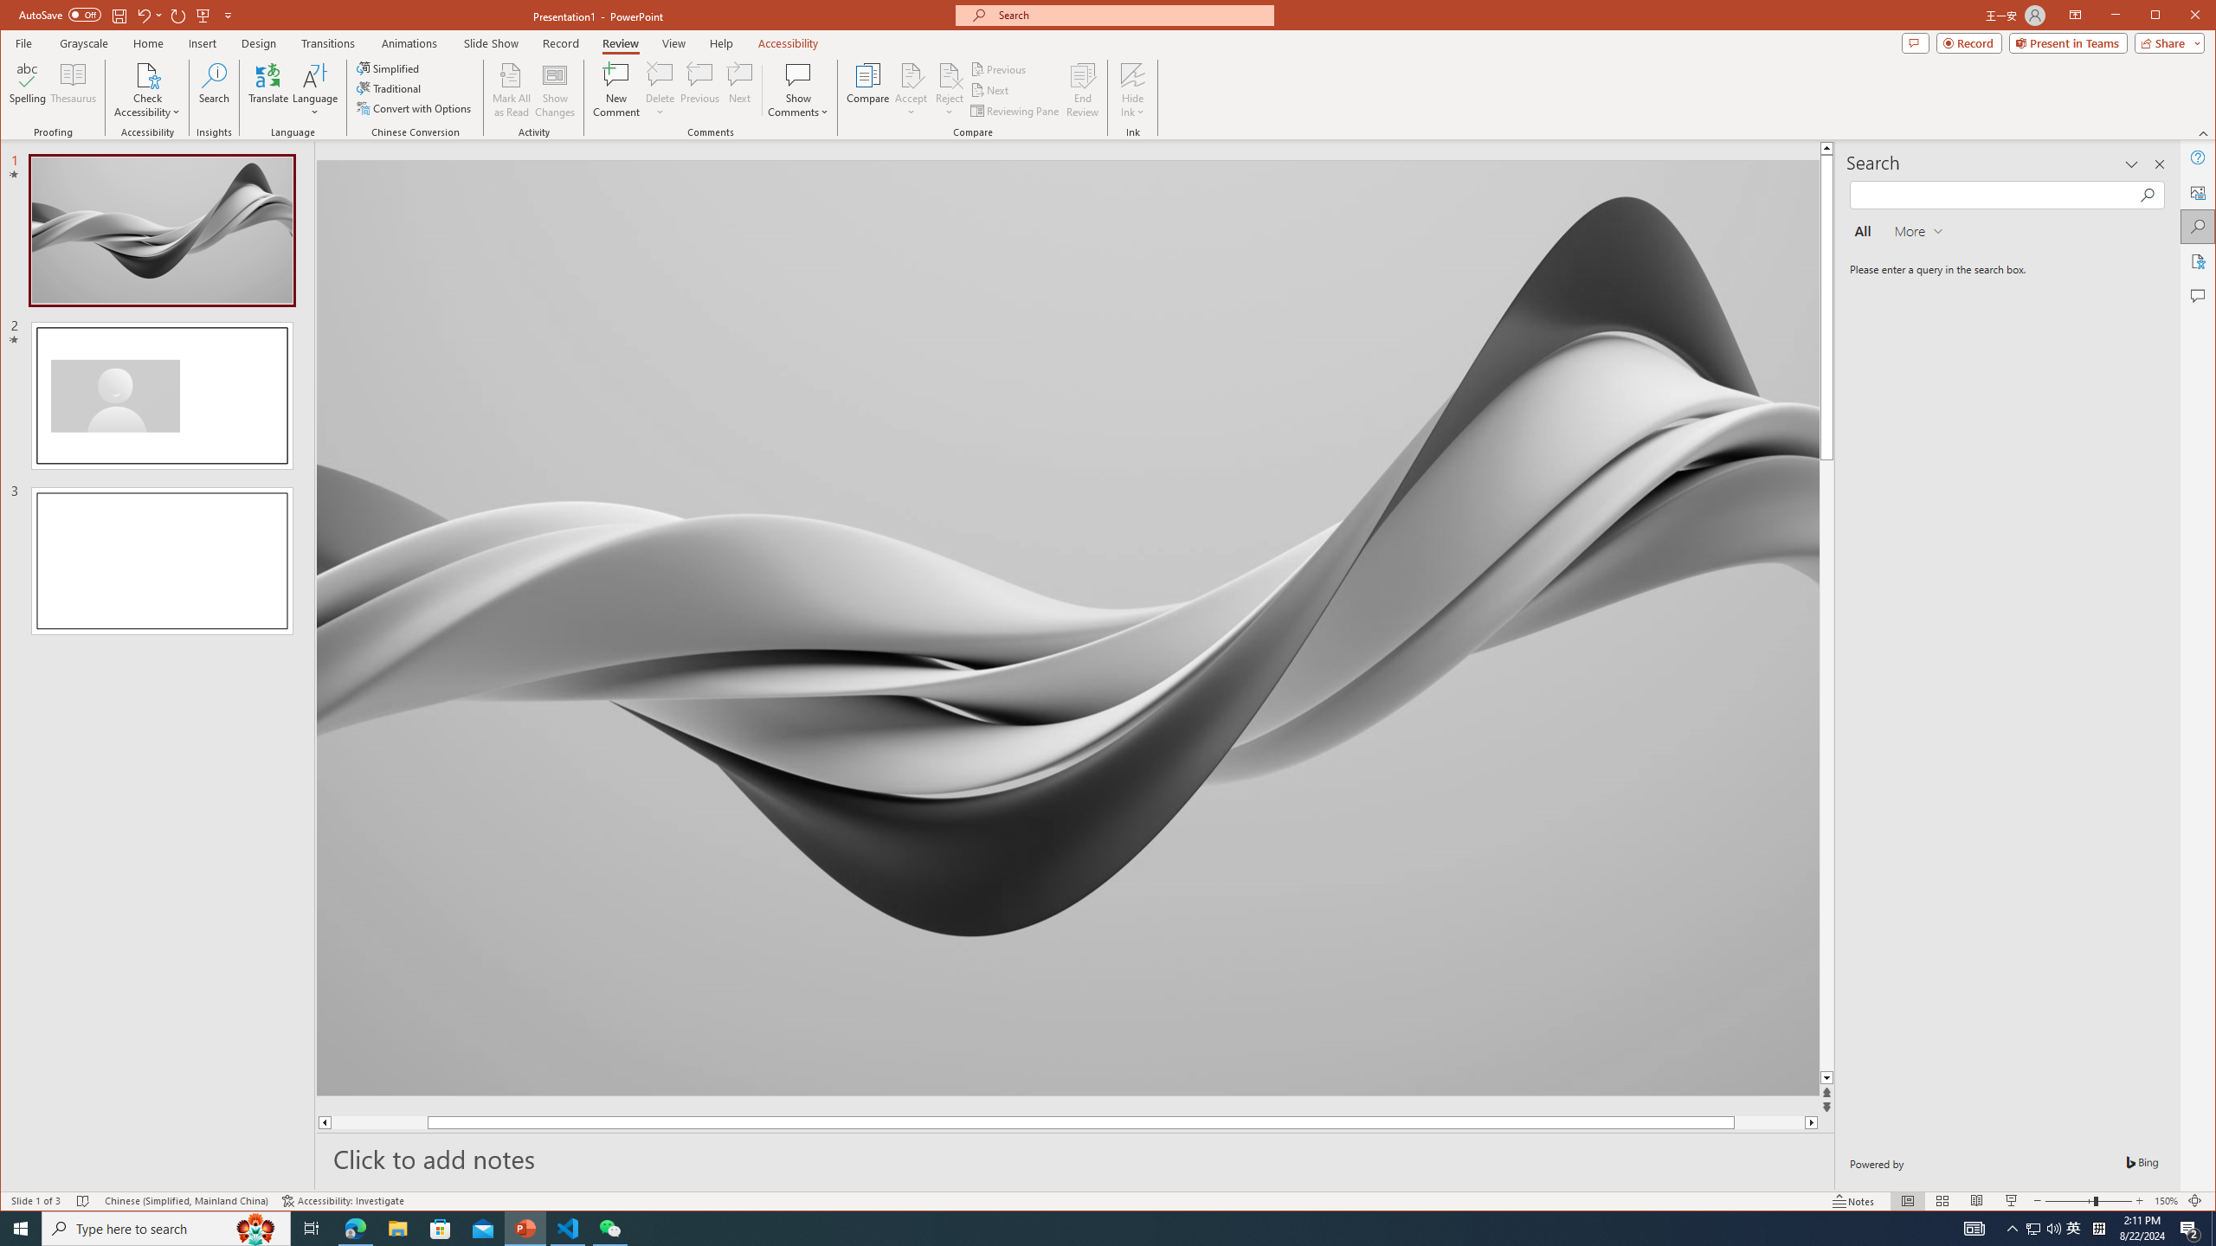 The width and height of the screenshot is (2216, 1246). I want to click on 'Show Changes', so click(555, 89).